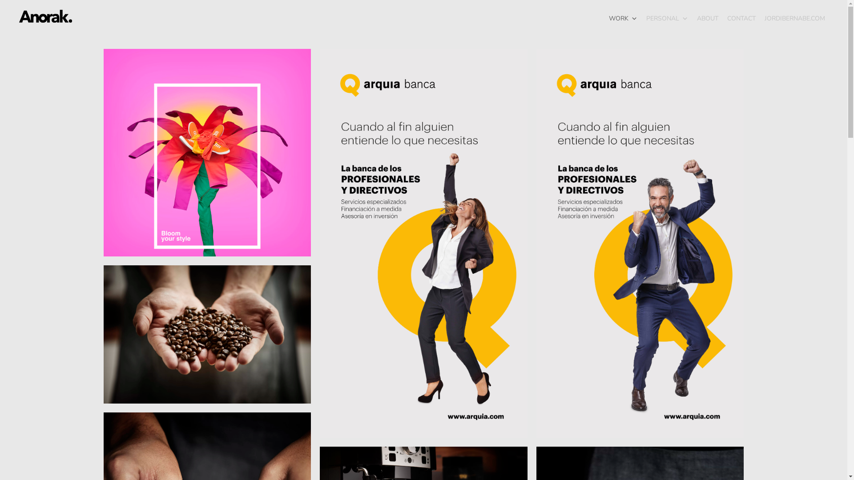 The height and width of the screenshot is (480, 854). I want to click on 'PERSONAL', so click(667, 19).